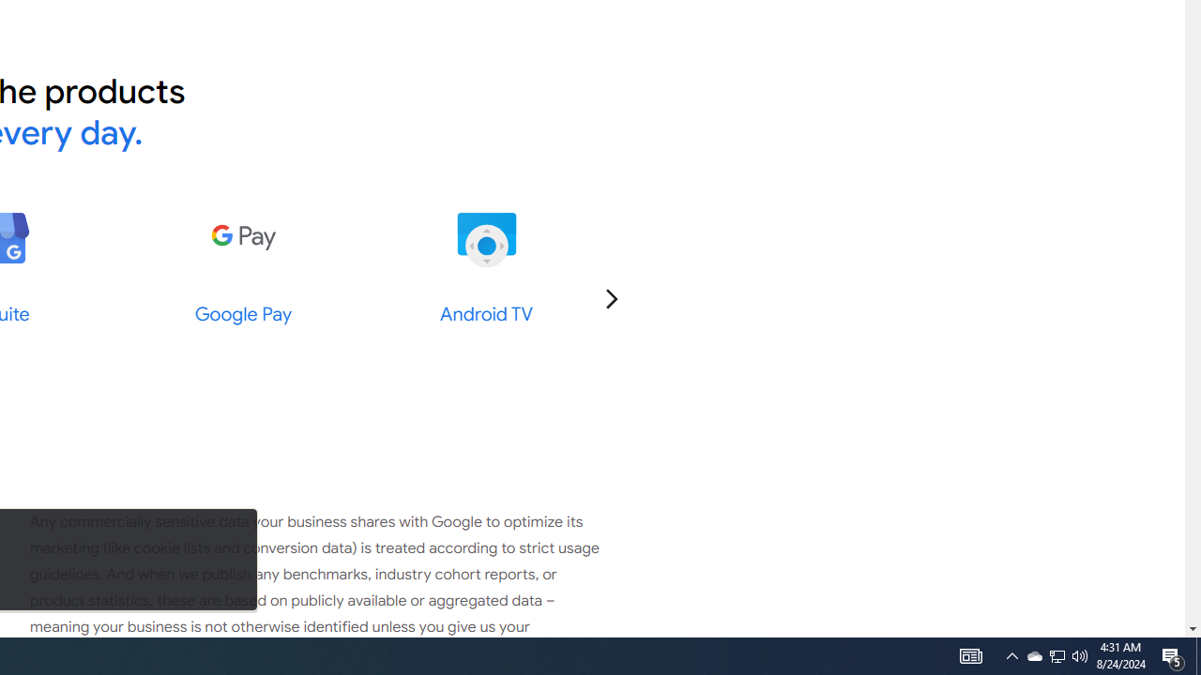 Image resolution: width=1201 pixels, height=675 pixels. What do you see at coordinates (242, 266) in the screenshot?
I see `'Google Pay Google Pay'` at bounding box center [242, 266].